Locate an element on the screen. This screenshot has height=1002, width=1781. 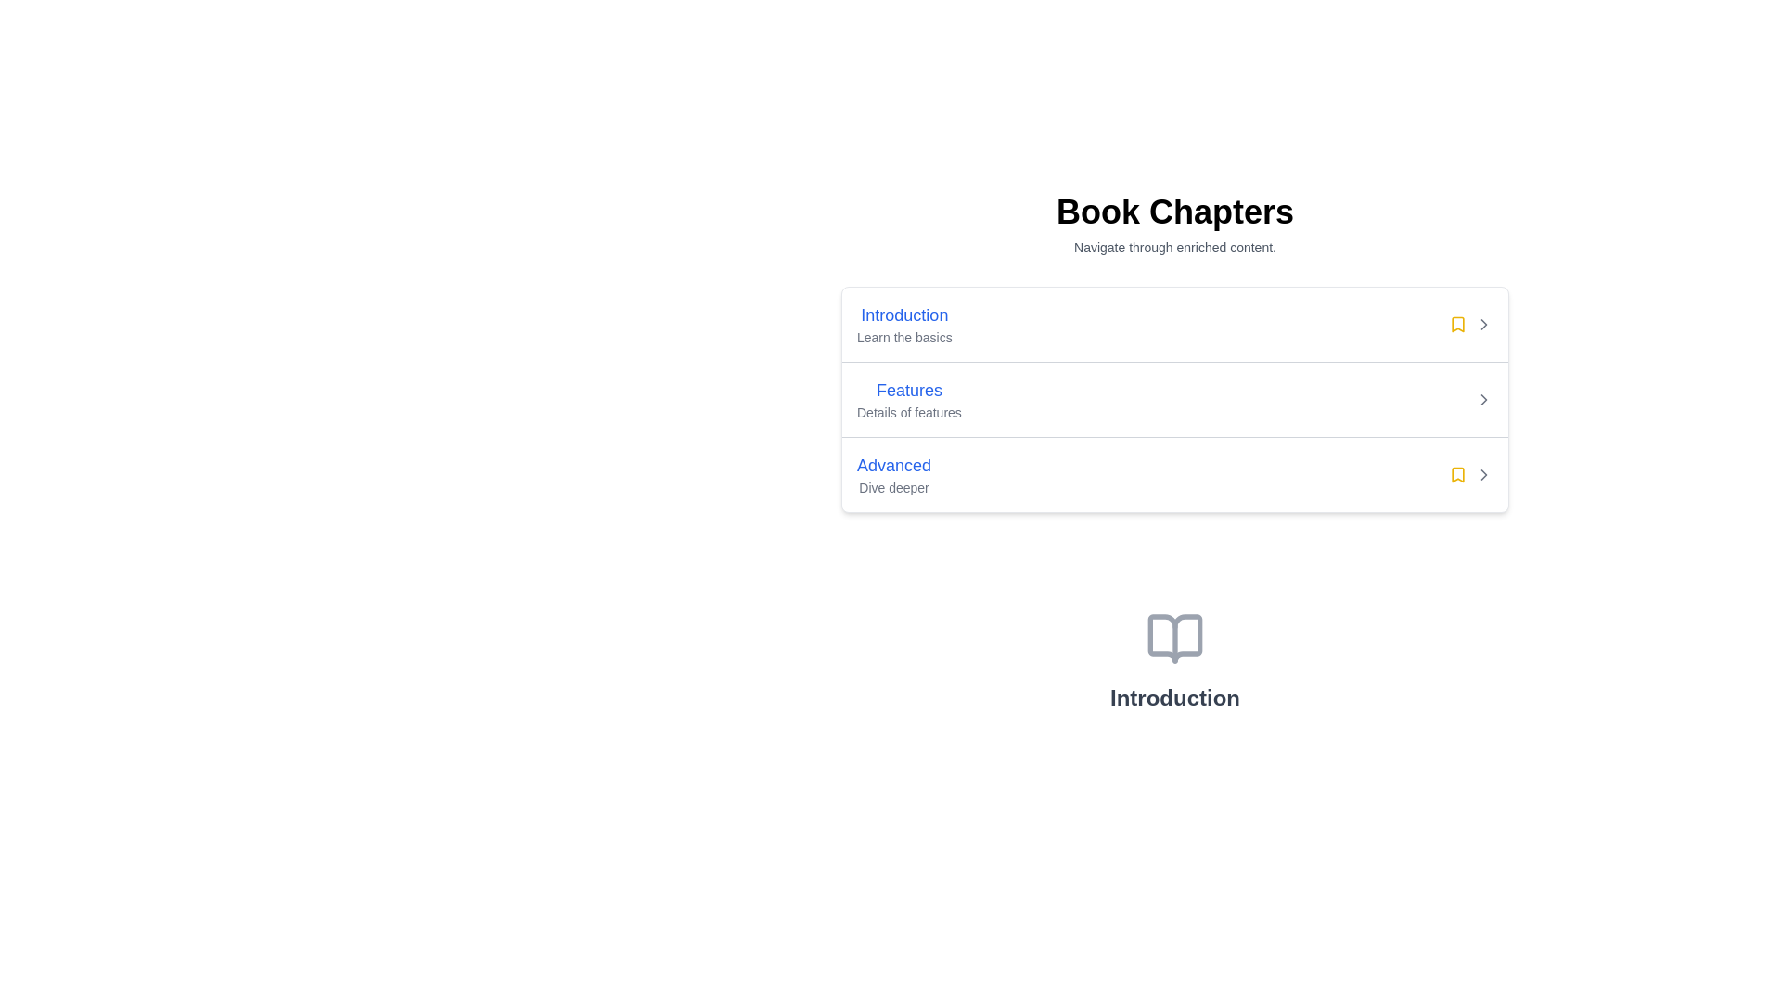
the navigational hyperlink labeled 'Features' located in the 'Book Chapters' section, positioned below 'Introduction' and above 'Advanced' is located at coordinates (909, 389).